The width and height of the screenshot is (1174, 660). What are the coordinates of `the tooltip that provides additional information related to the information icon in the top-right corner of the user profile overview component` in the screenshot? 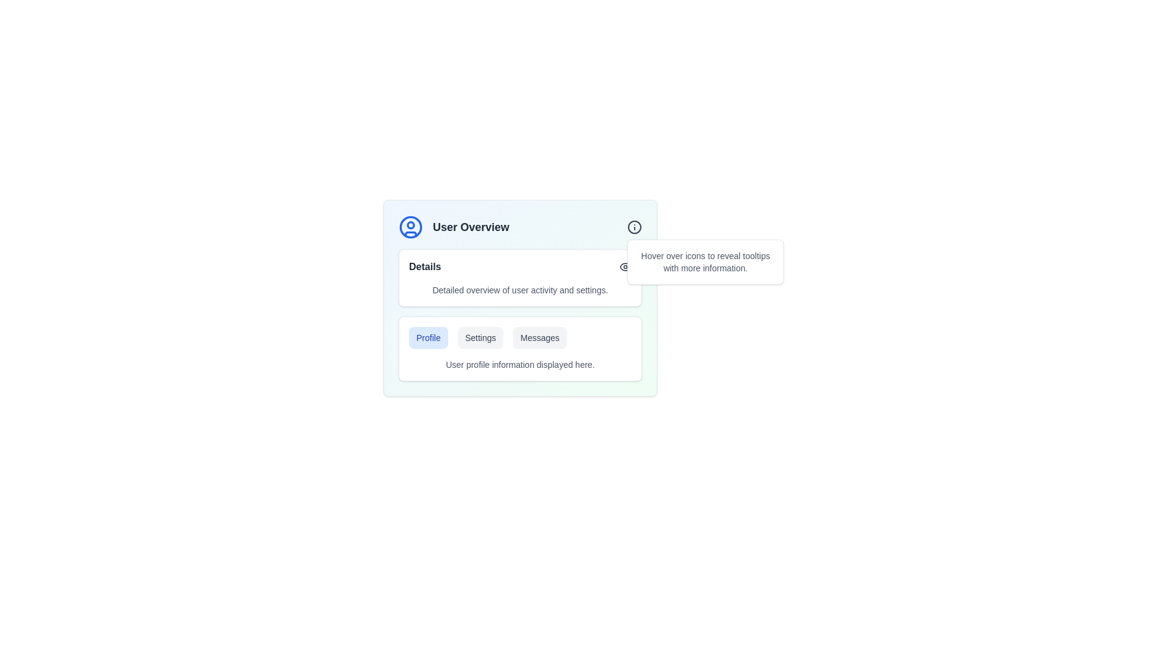 It's located at (705, 261).